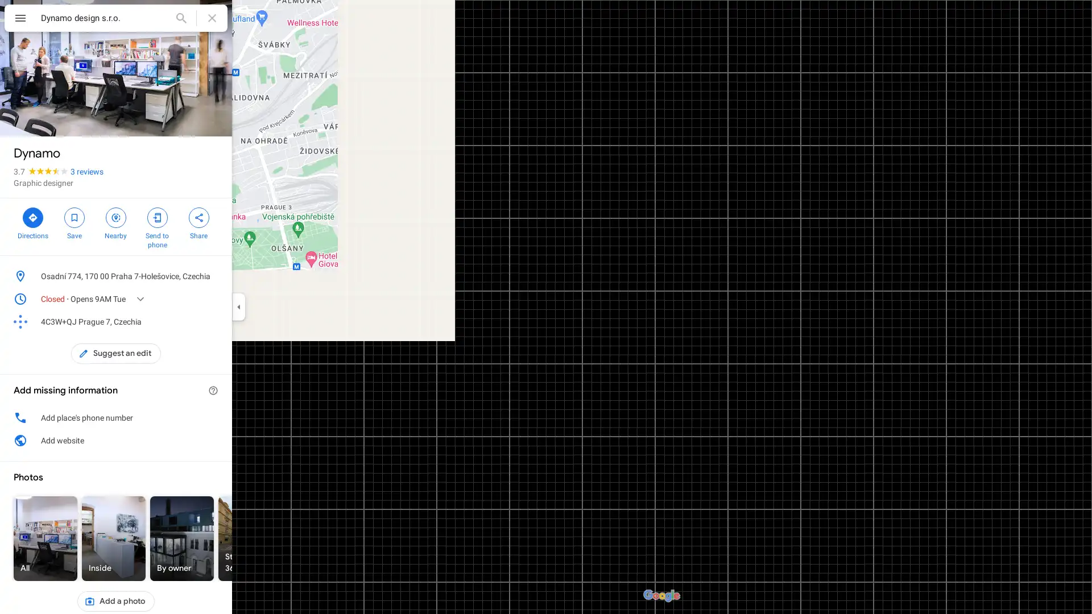 The width and height of the screenshot is (1092, 614). Describe the element at coordinates (114, 538) in the screenshot. I see `Inside` at that location.